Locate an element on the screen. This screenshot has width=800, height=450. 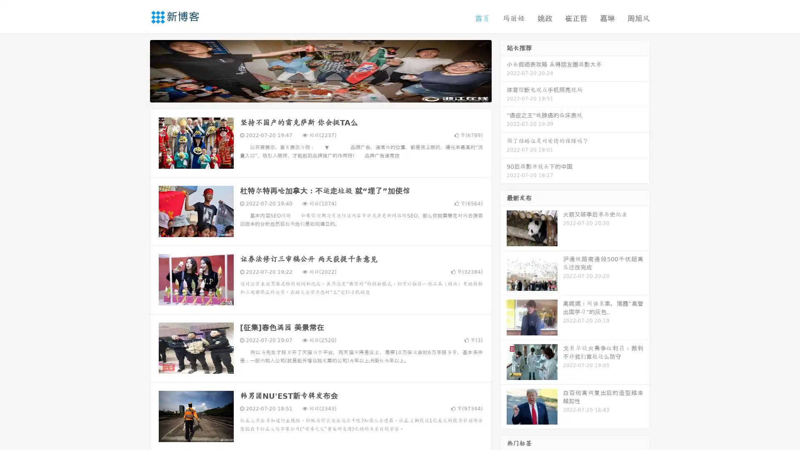
Next slide is located at coordinates (503, 70).